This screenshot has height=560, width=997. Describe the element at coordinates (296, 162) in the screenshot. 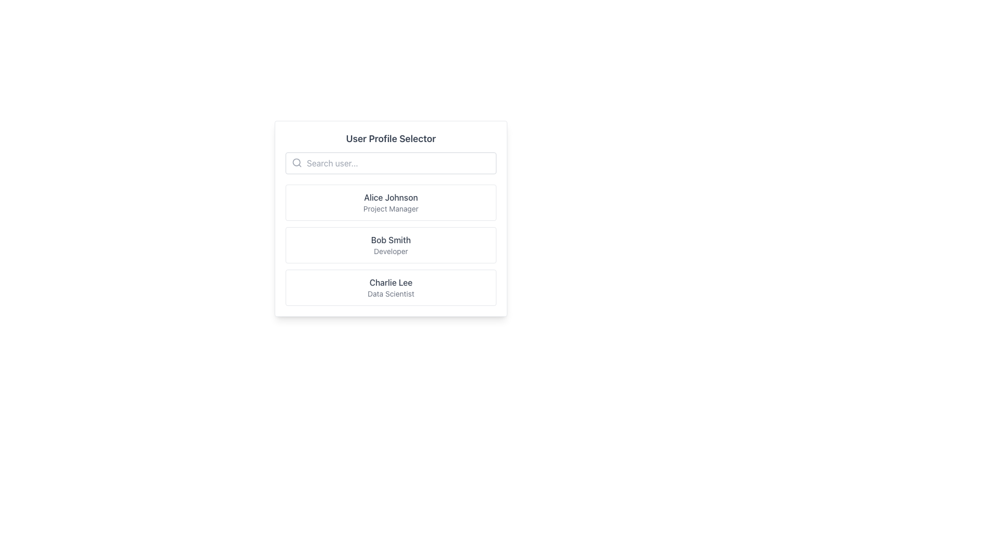

I see `the search icon depicted by a gray magnifying glass located to the left within the search bar under 'User Profile Selector'` at that location.